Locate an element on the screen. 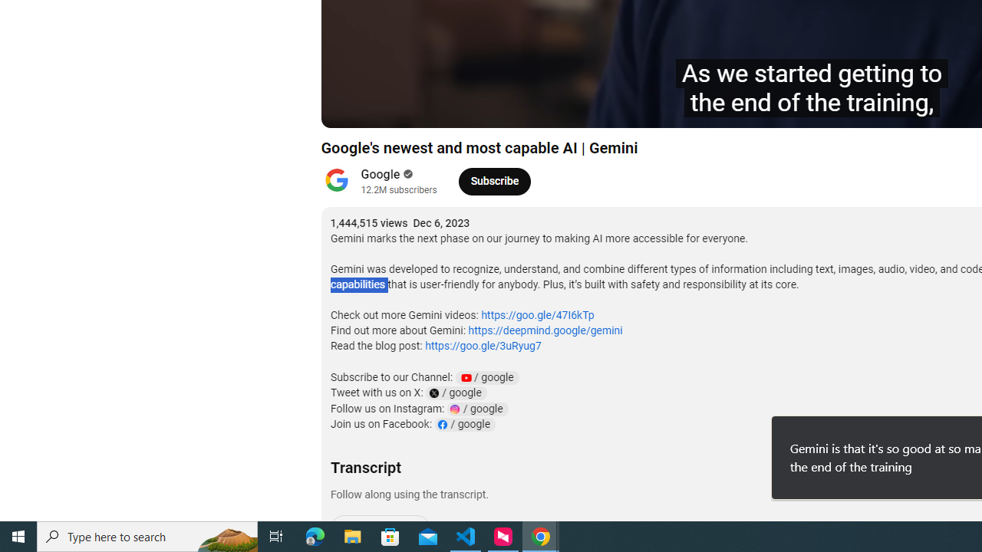  'Instagram Channel Link: google' is located at coordinates (476, 408).